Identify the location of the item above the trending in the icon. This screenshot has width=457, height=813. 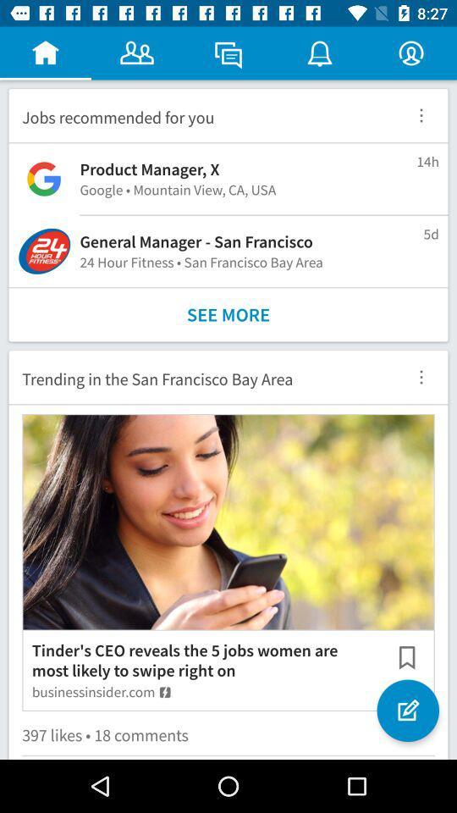
(228, 314).